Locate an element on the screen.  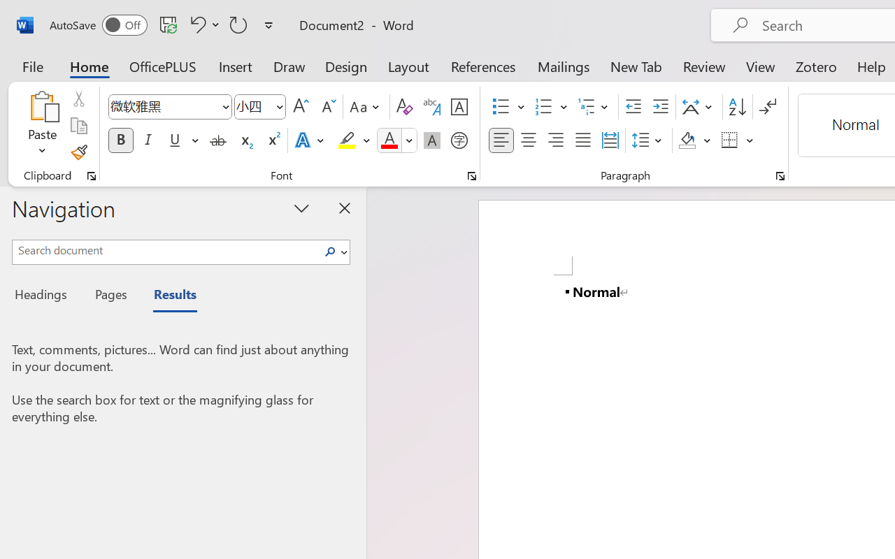
'Design' is located at coordinates (346, 66).